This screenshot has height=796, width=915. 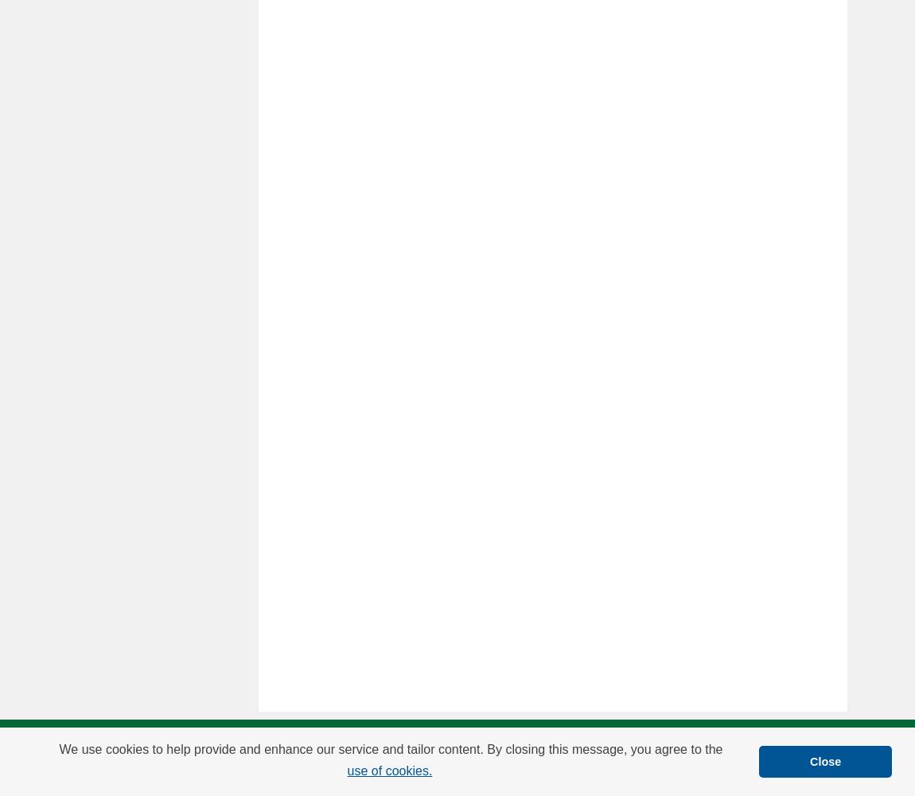 I want to click on 'Login/Sign Up', so click(x=322, y=747).